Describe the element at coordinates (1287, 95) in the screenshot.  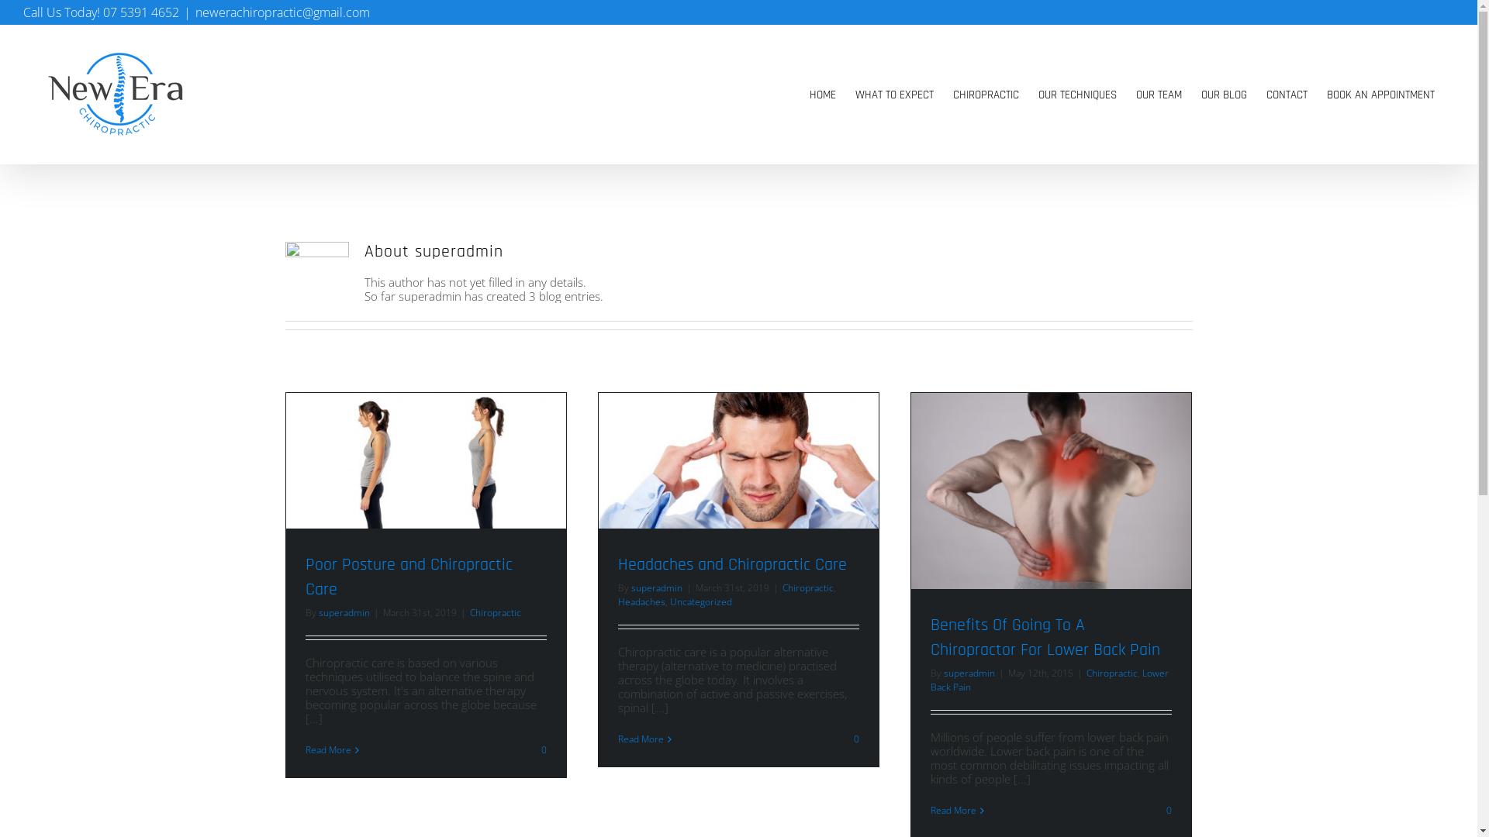
I see `'CONTACT'` at that location.